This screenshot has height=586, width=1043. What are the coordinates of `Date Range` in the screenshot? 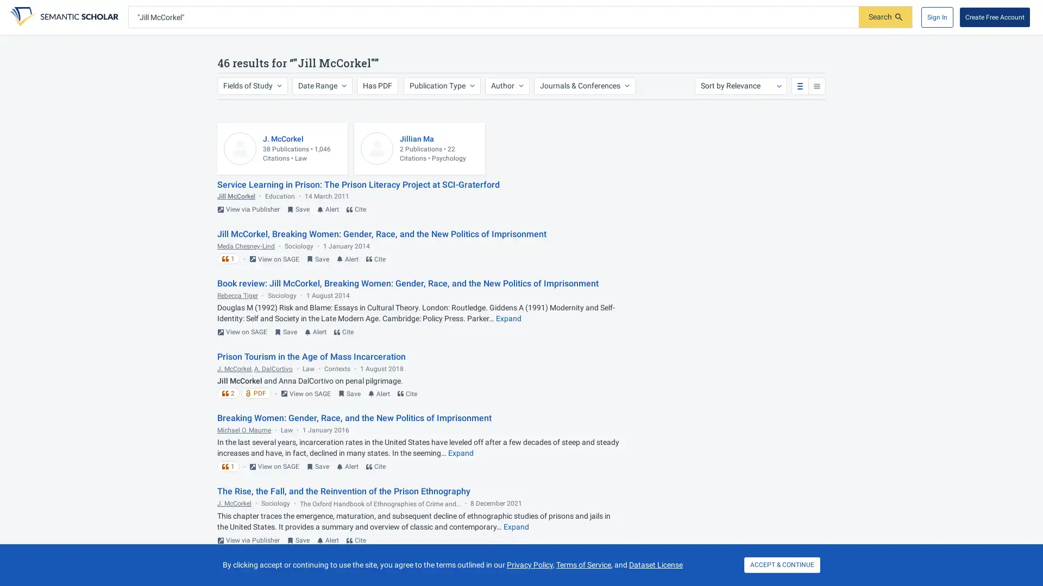 It's located at (321, 85).